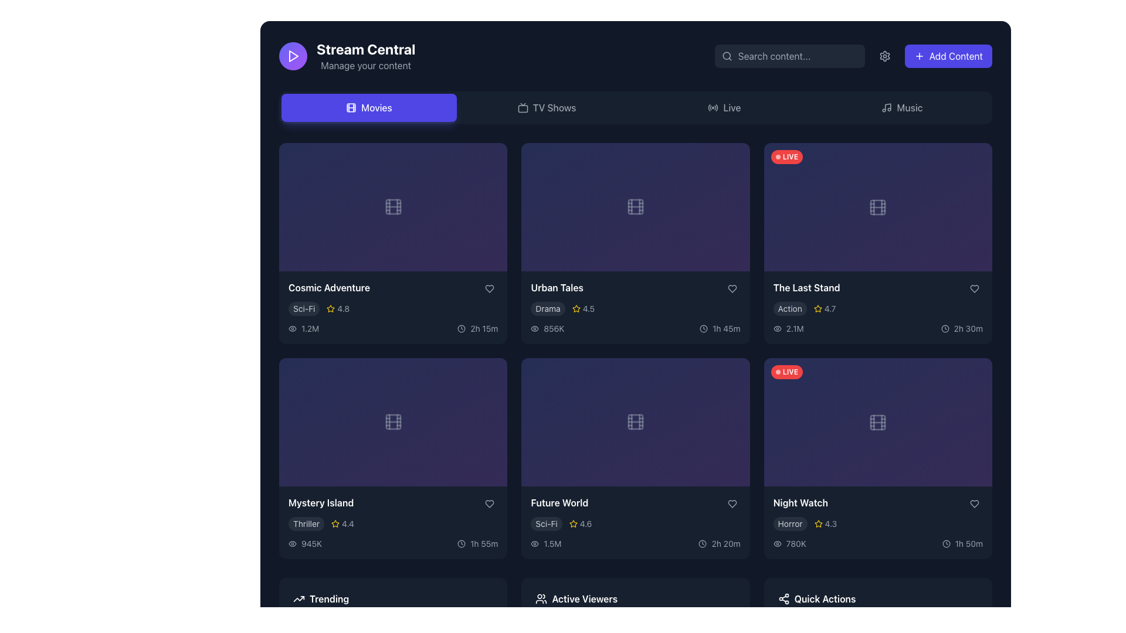  I want to click on the text label displaying '2.1M' in light gray color, located at the bottom-left section of the card for 'The Last Stand', to the right of the eye-shaped icon, so click(795, 328).